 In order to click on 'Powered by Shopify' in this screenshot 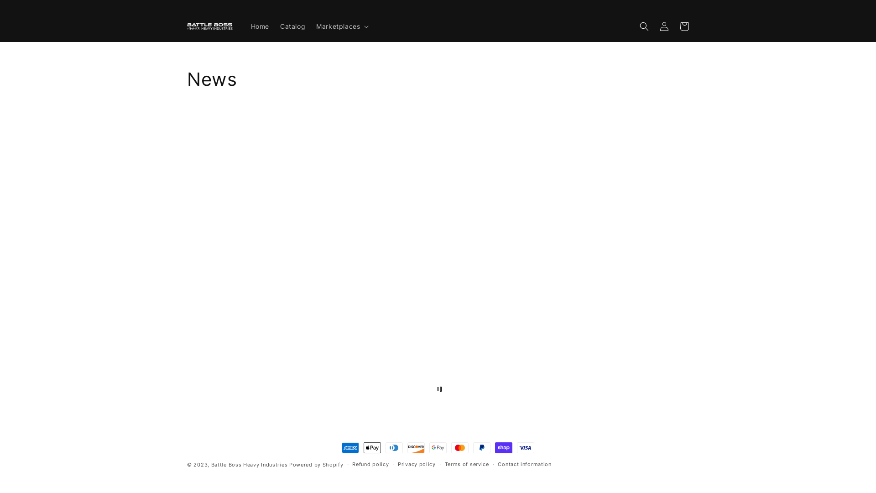, I will do `click(316, 465)`.